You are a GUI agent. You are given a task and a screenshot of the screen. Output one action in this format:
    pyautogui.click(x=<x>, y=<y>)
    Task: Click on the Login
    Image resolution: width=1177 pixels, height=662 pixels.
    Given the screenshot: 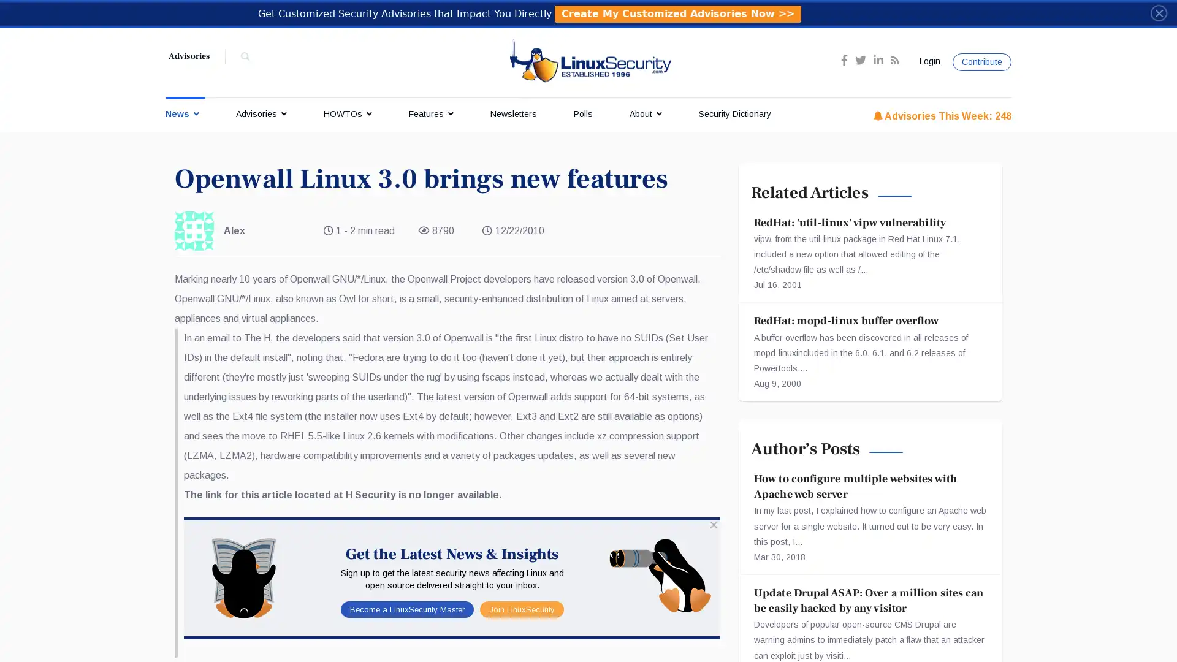 What is the action you would take?
    pyautogui.click(x=928, y=61)
    